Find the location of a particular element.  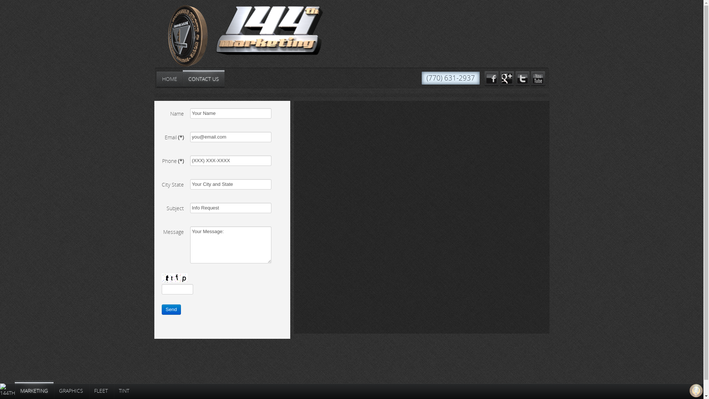

'(770) 631-2937' is located at coordinates (450, 78).